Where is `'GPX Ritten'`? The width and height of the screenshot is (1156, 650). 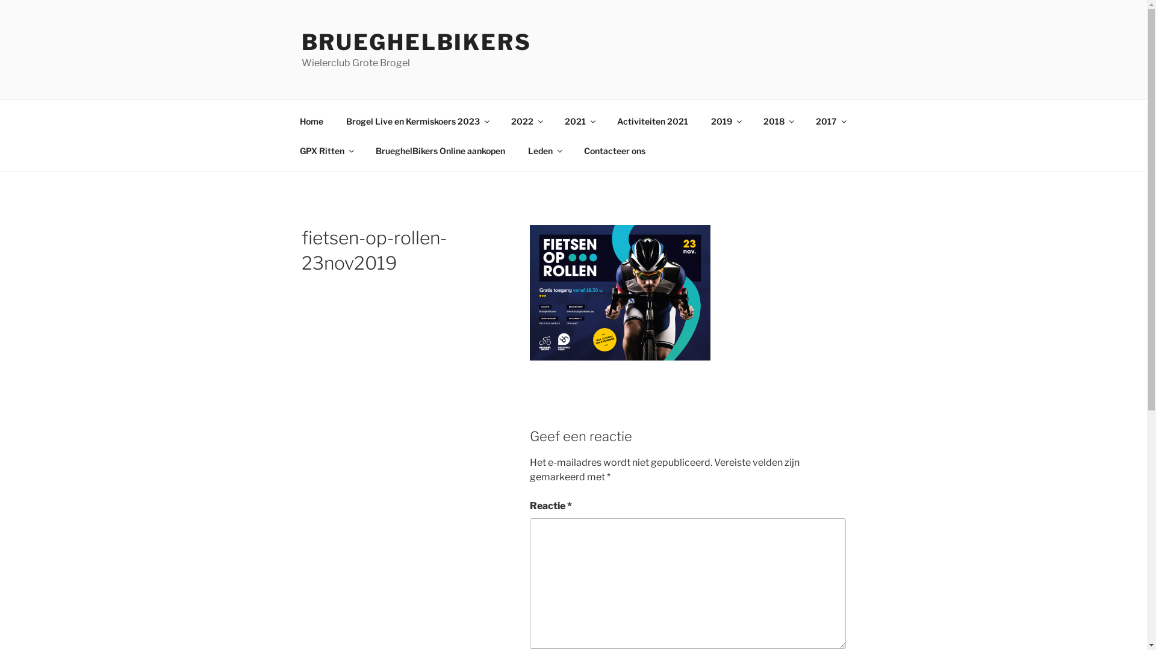 'GPX Ritten' is located at coordinates (326, 150).